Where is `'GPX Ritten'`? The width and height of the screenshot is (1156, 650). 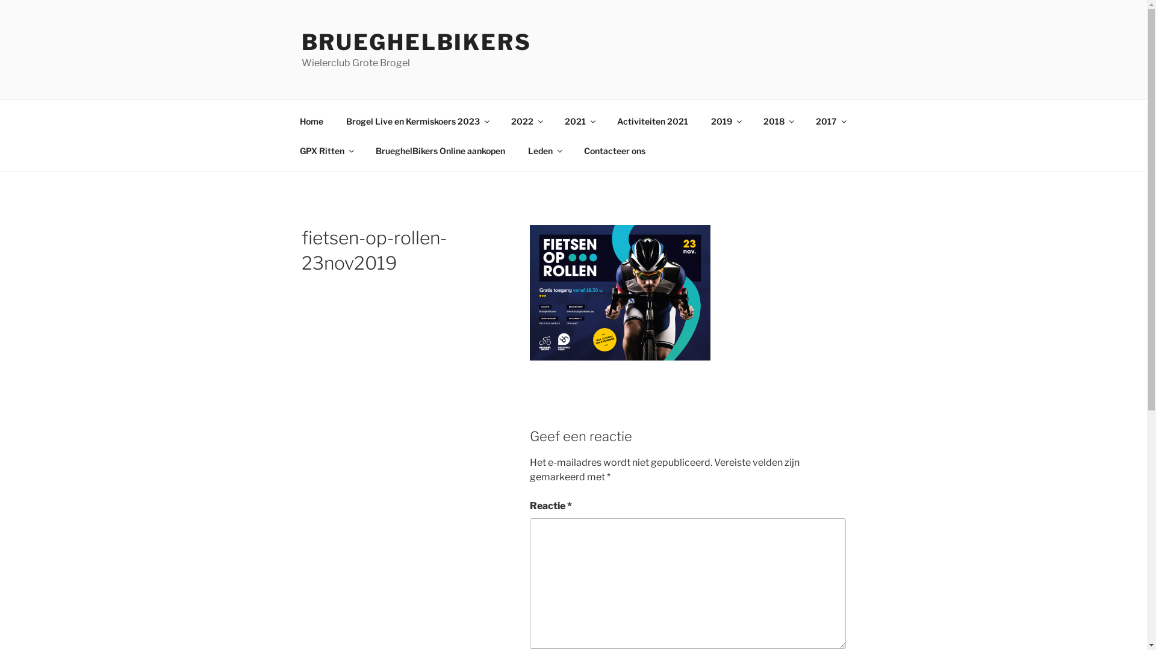 'GPX Ritten' is located at coordinates (326, 150).